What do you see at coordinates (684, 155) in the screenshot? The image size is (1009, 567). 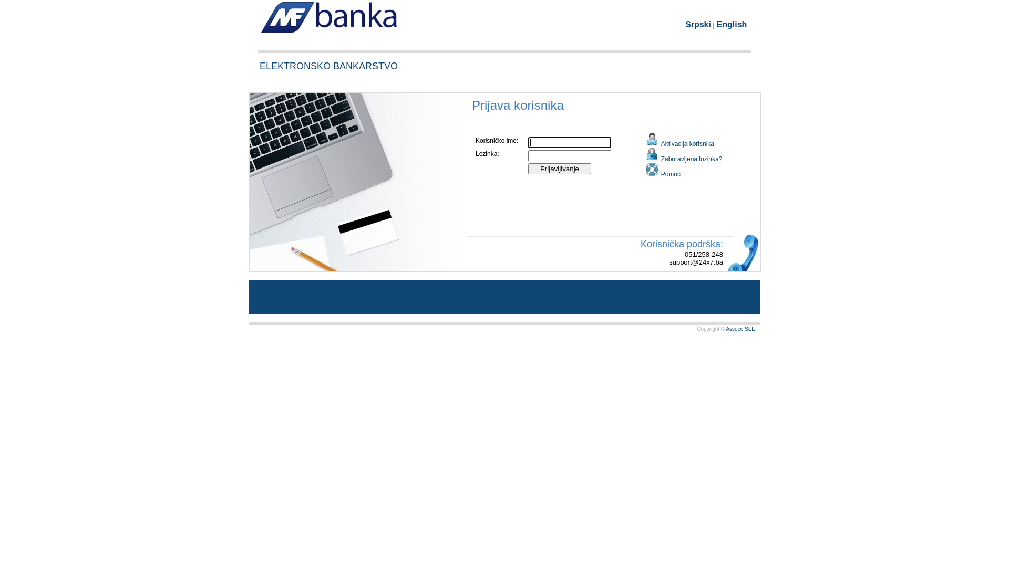 I see `'Zaboravljena lozinka?'` at bounding box center [684, 155].